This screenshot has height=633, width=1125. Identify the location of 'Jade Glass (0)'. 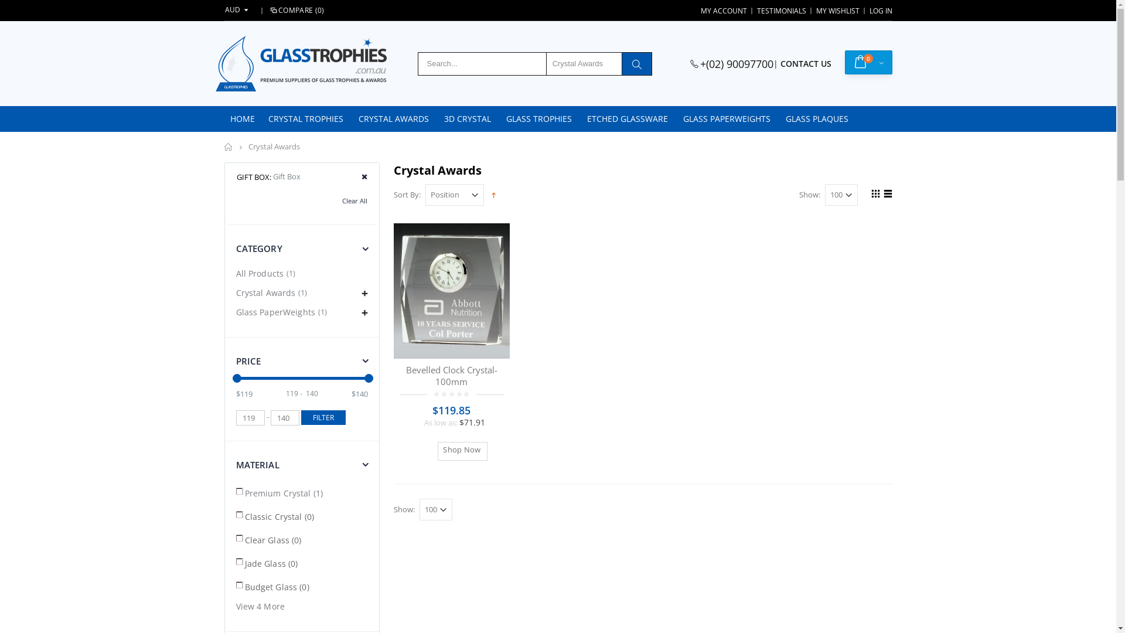
(267, 560).